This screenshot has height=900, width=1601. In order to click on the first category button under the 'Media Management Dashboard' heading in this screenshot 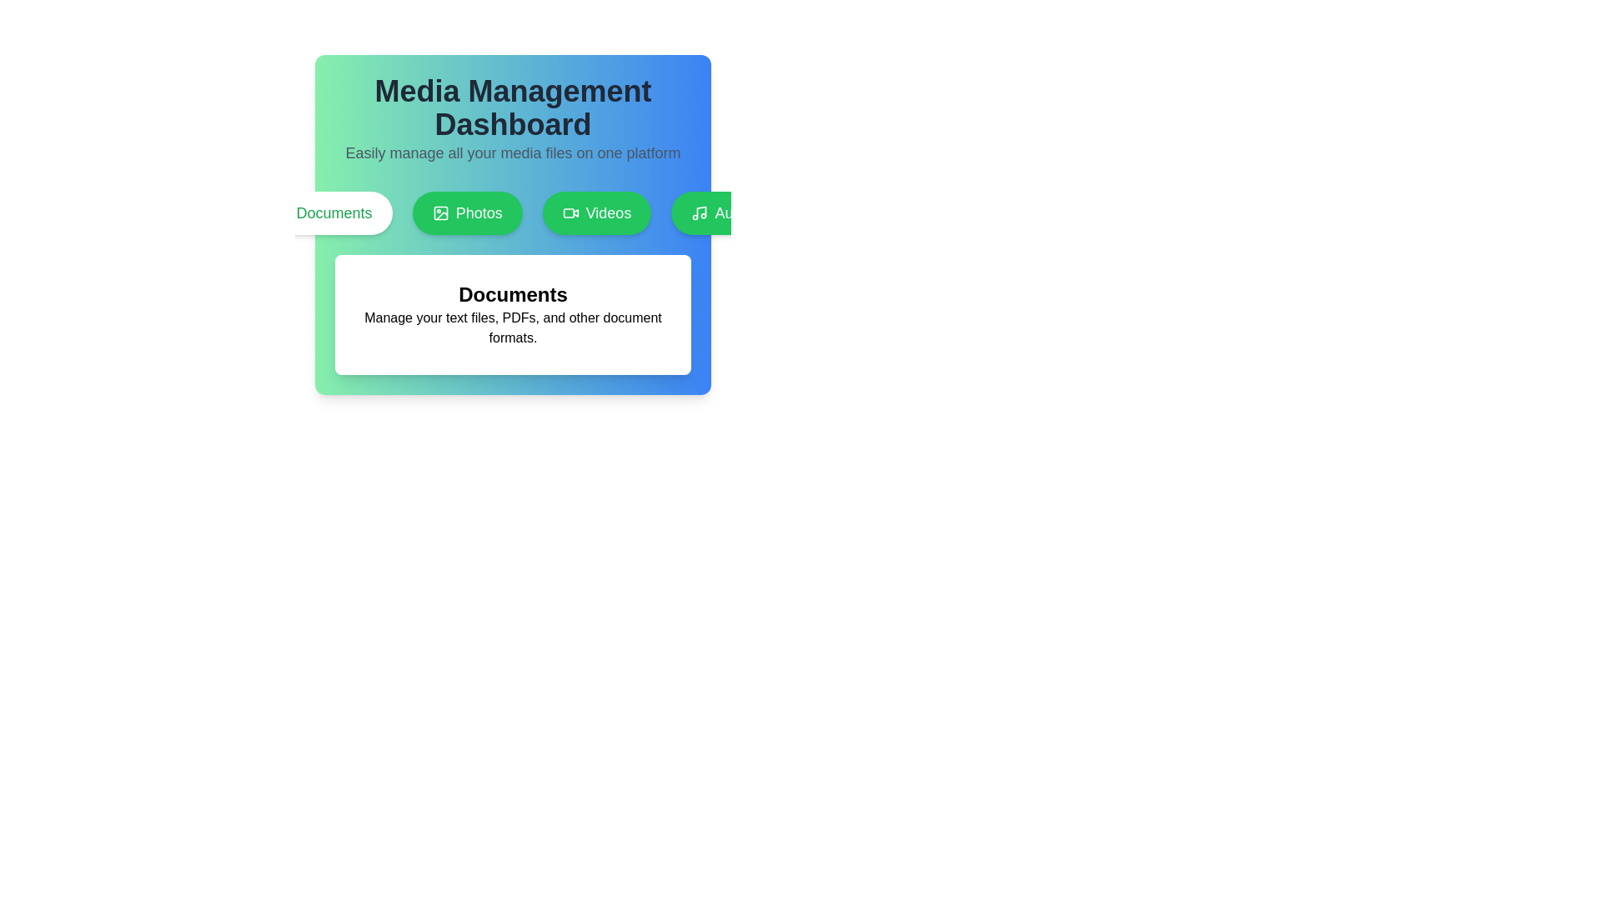, I will do `click(323, 212)`.